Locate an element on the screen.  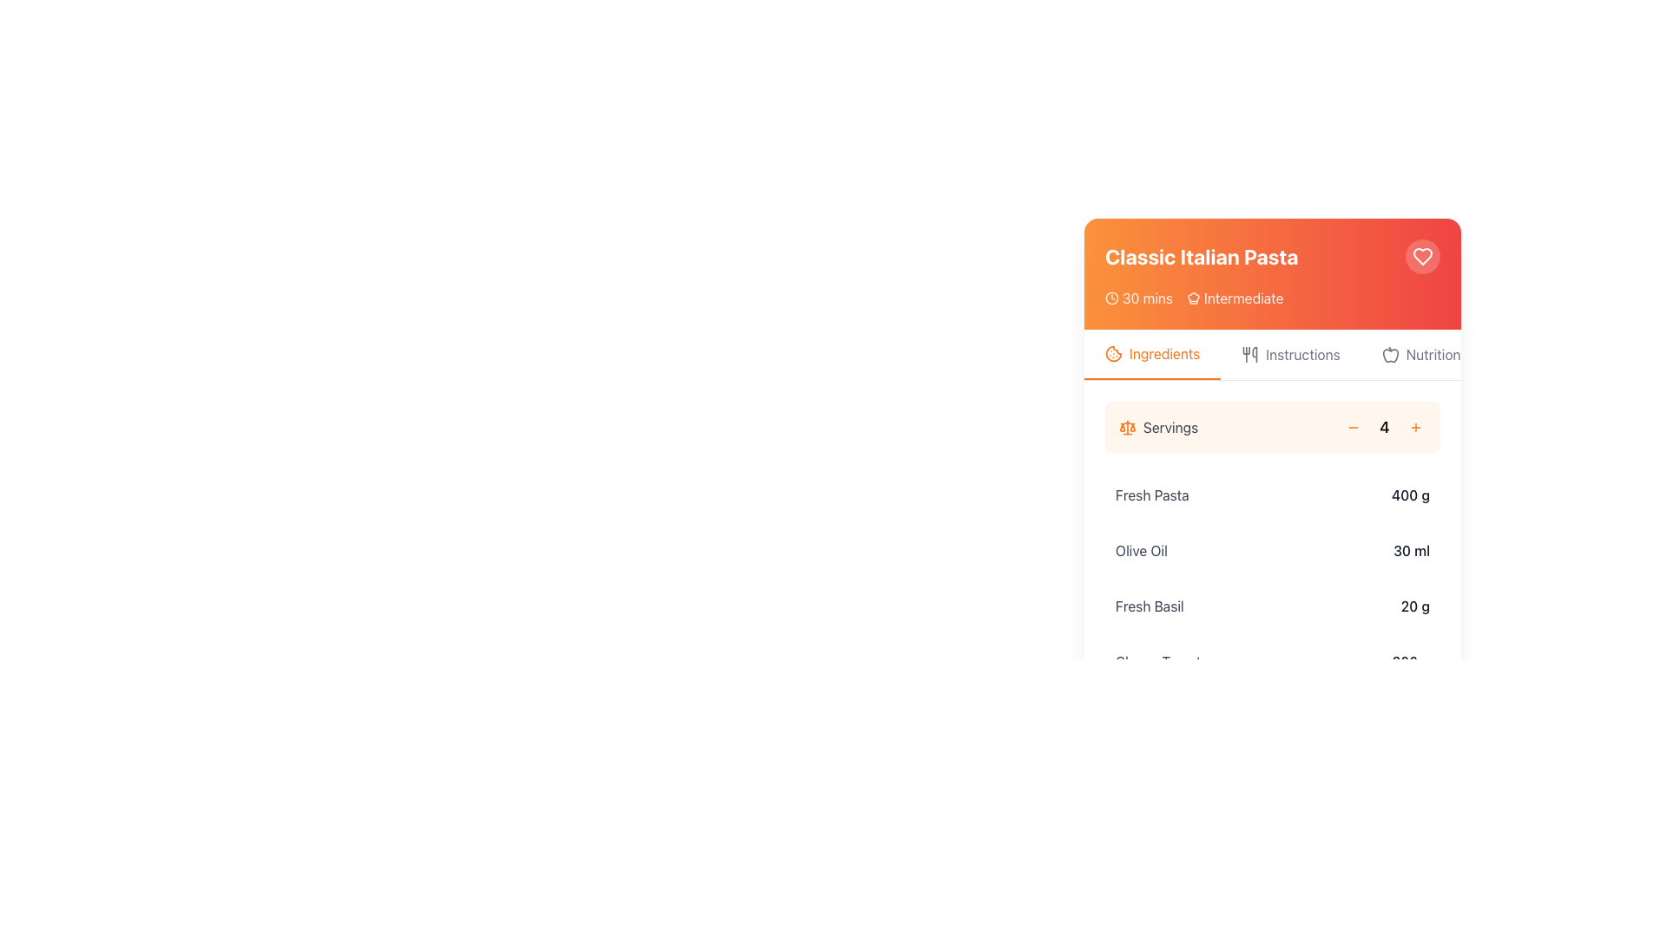
the Text label that describes the servings, located at the top-right corner of the interface, to the right of the scale icon is located at coordinates (1170, 428).